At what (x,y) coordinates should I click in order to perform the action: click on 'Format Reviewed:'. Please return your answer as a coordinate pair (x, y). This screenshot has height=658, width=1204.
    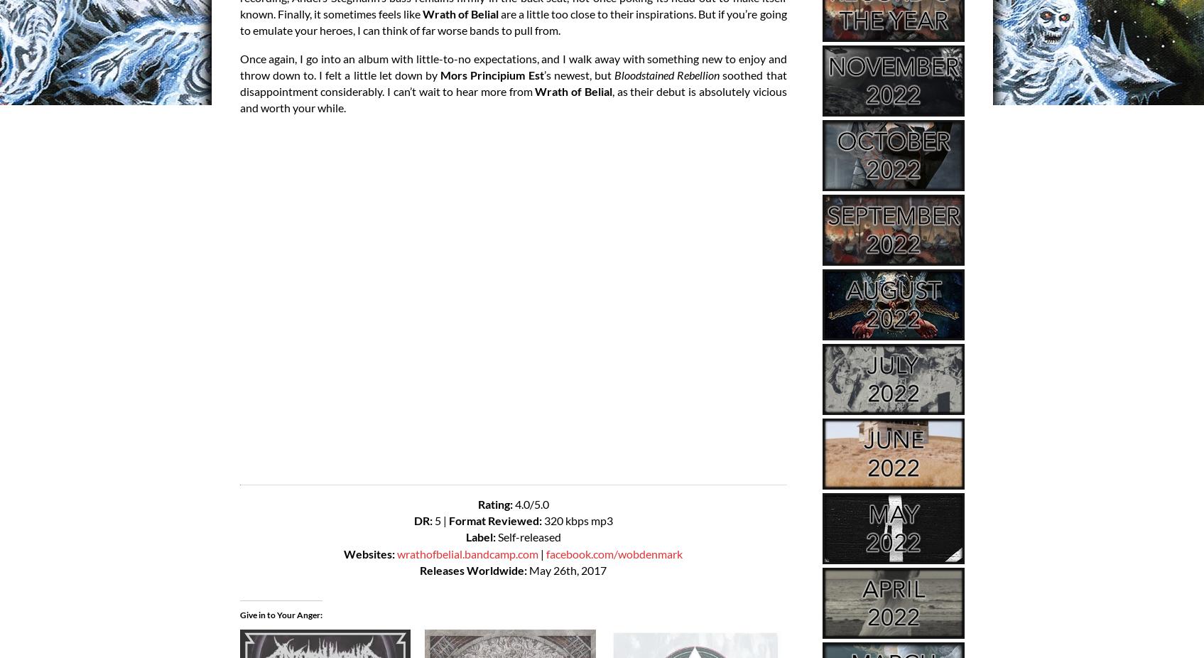
    Looking at the image, I should click on (494, 521).